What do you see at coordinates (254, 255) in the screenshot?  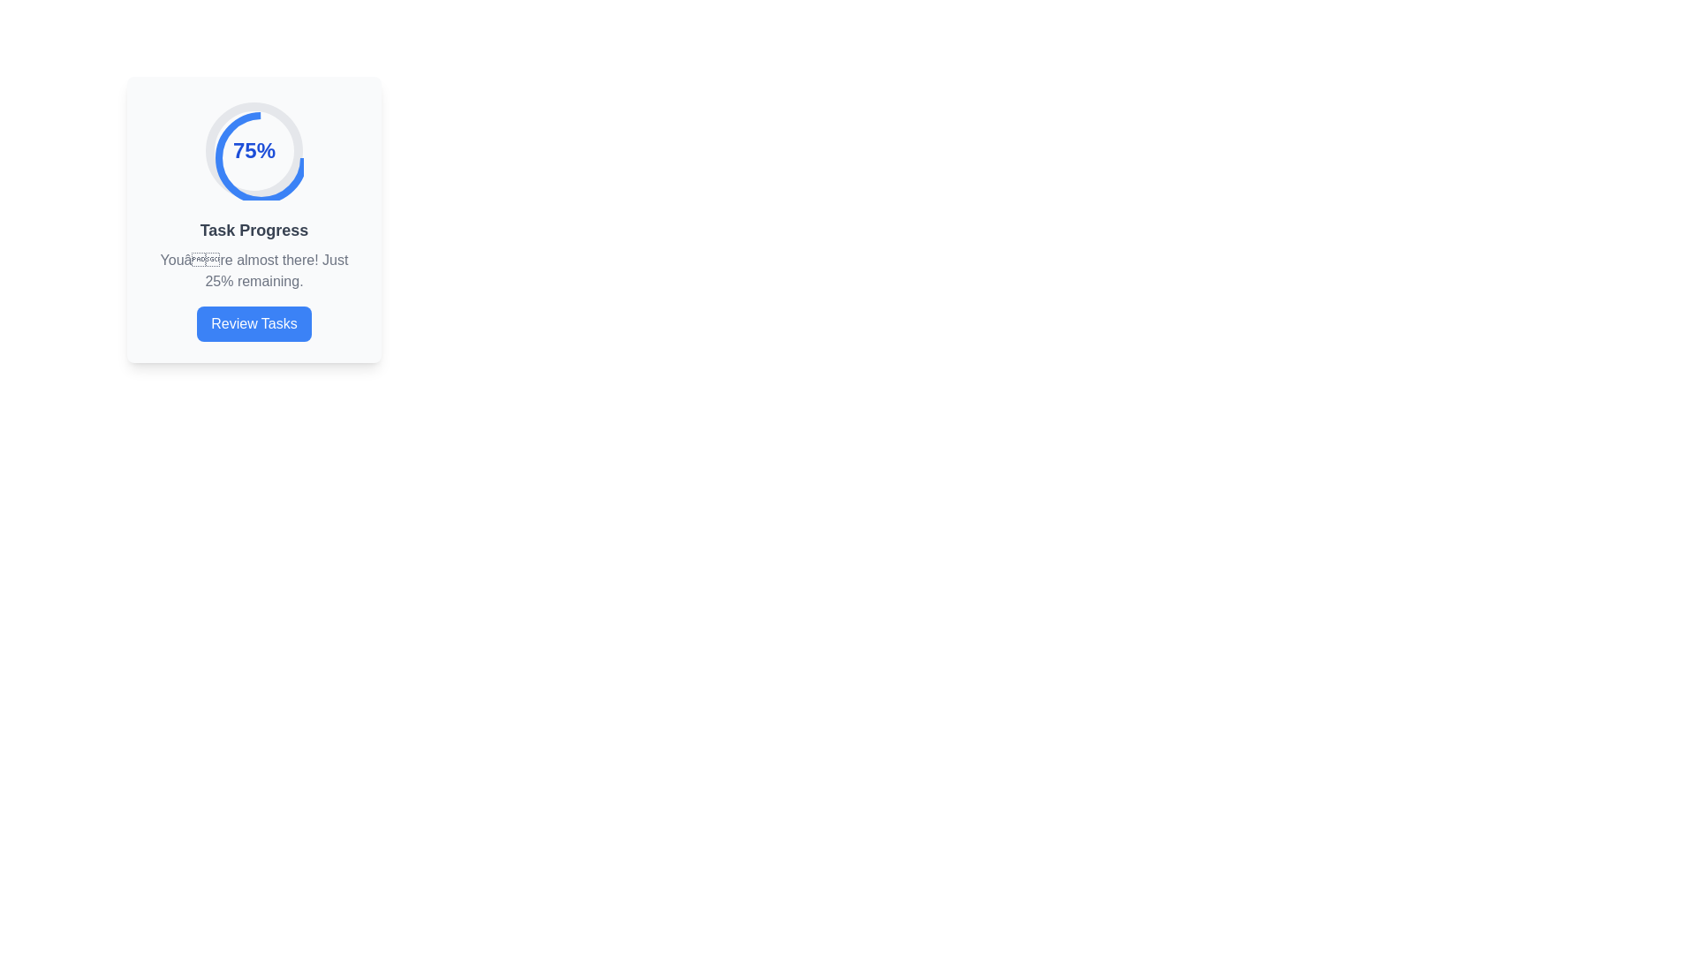 I see `task progress update displayed in the text element located centrally beneath the circular progress indicator showing '75%' and above the 'Review Tasks' button` at bounding box center [254, 255].